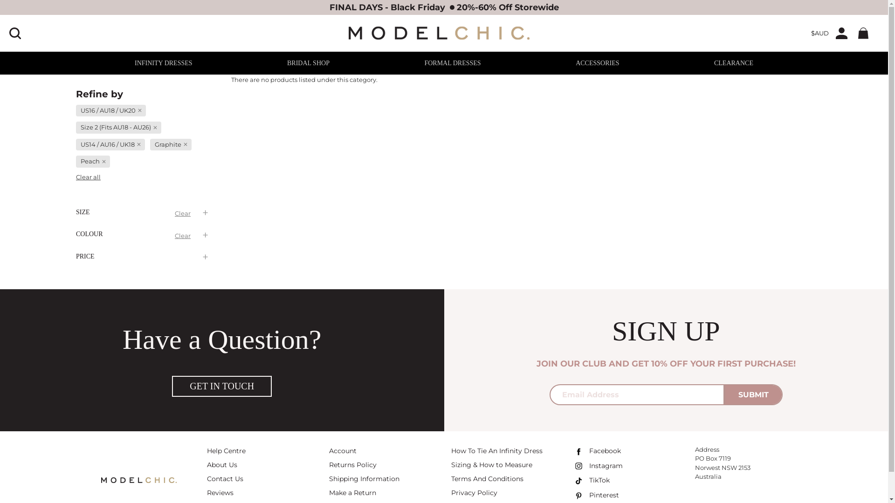  What do you see at coordinates (76, 110) in the screenshot?
I see `'US16 / AU18 / UK20'` at bounding box center [76, 110].